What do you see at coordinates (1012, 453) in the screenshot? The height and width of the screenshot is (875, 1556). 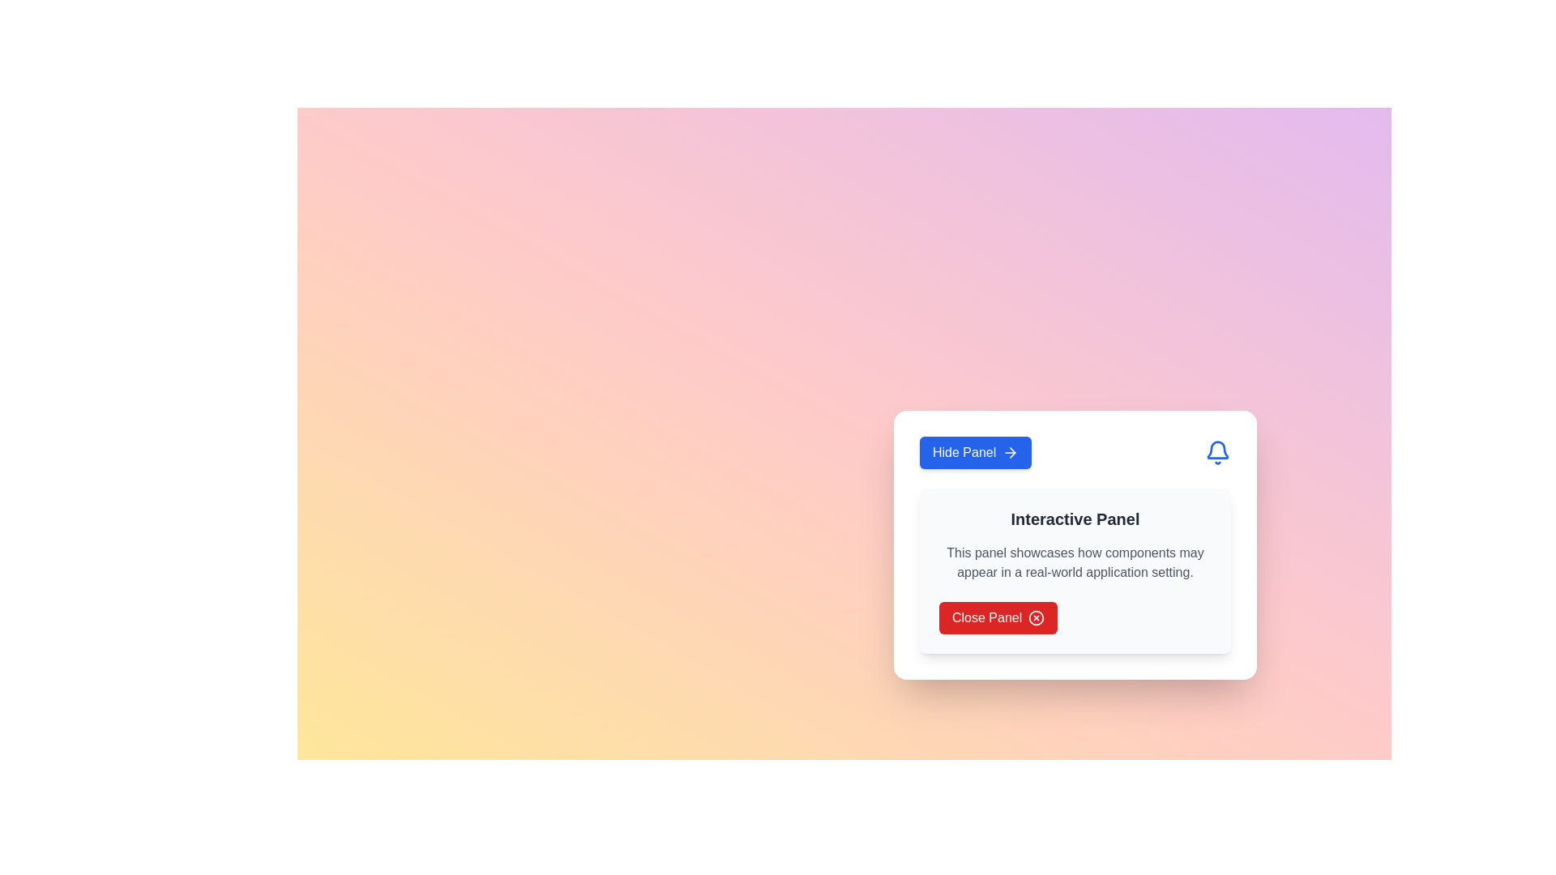 I see `the rightward pointing arrow icon, which is a minimalist triangular shape located to the right of the 'Hide Panel' button in the upper-left corner of the main panel` at bounding box center [1012, 453].